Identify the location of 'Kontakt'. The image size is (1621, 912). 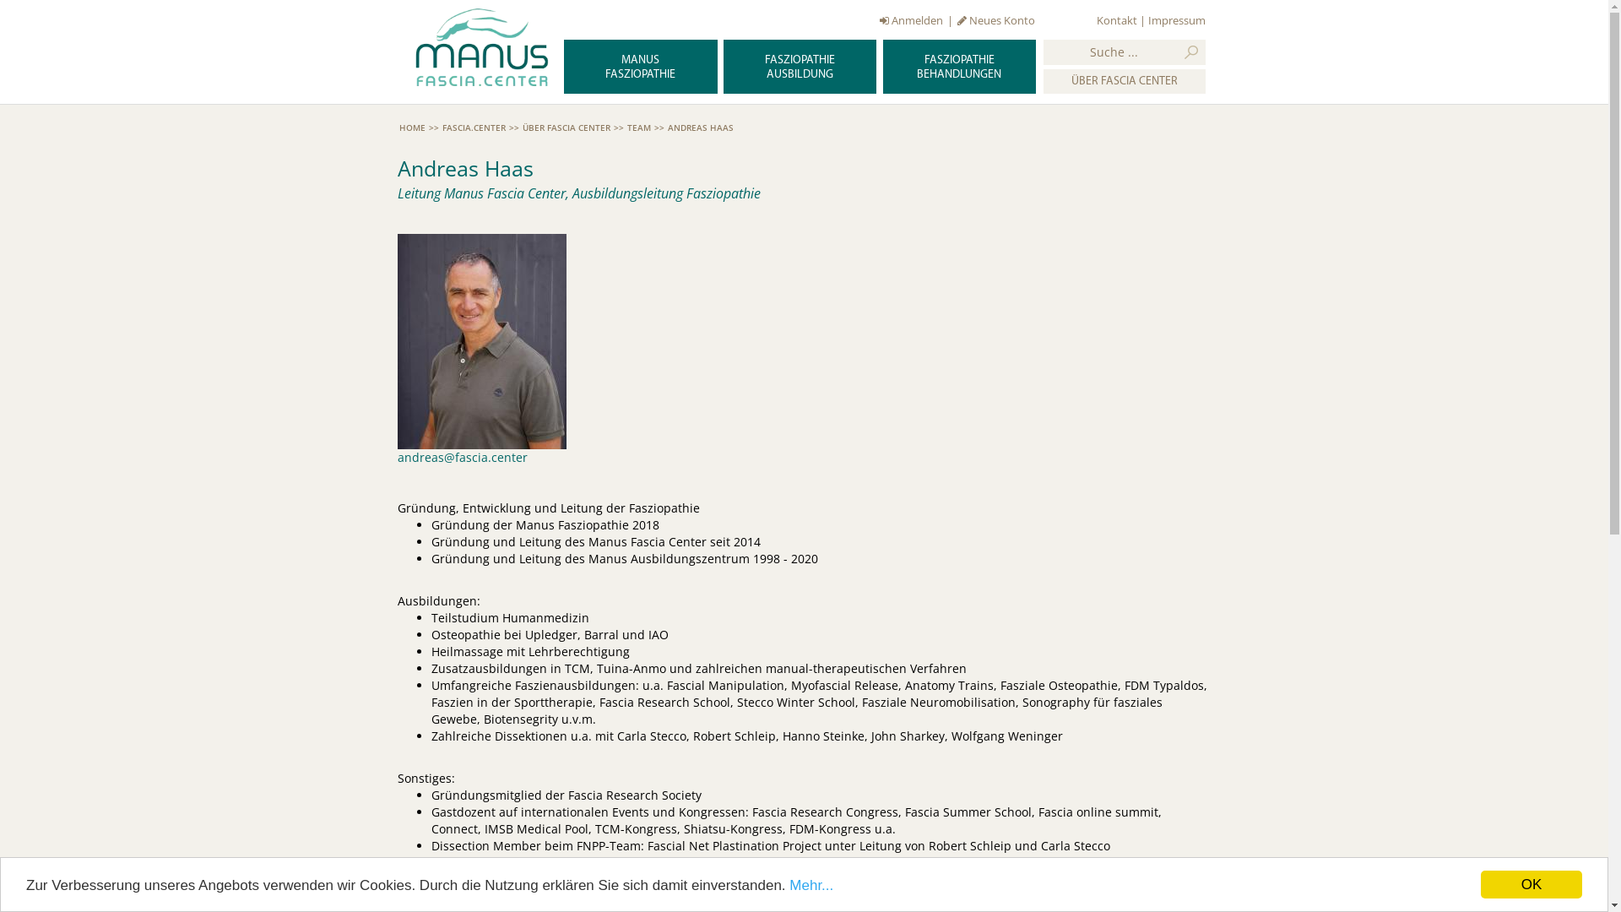
(1097, 19).